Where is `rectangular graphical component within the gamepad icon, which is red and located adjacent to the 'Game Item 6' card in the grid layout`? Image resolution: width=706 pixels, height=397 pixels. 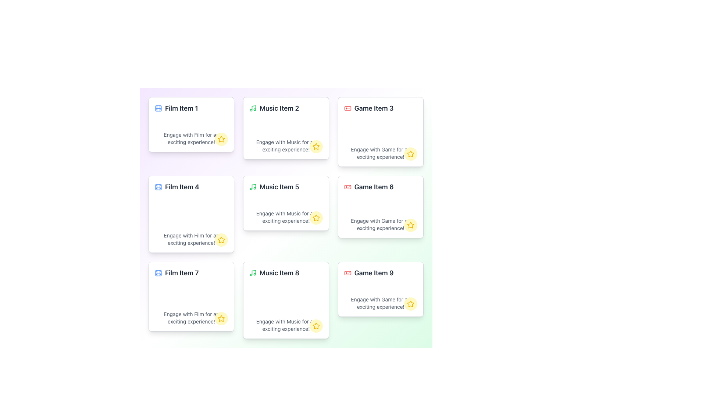 rectangular graphical component within the gamepad icon, which is red and located adjacent to the 'Game Item 6' card in the grid layout is located at coordinates (347, 187).